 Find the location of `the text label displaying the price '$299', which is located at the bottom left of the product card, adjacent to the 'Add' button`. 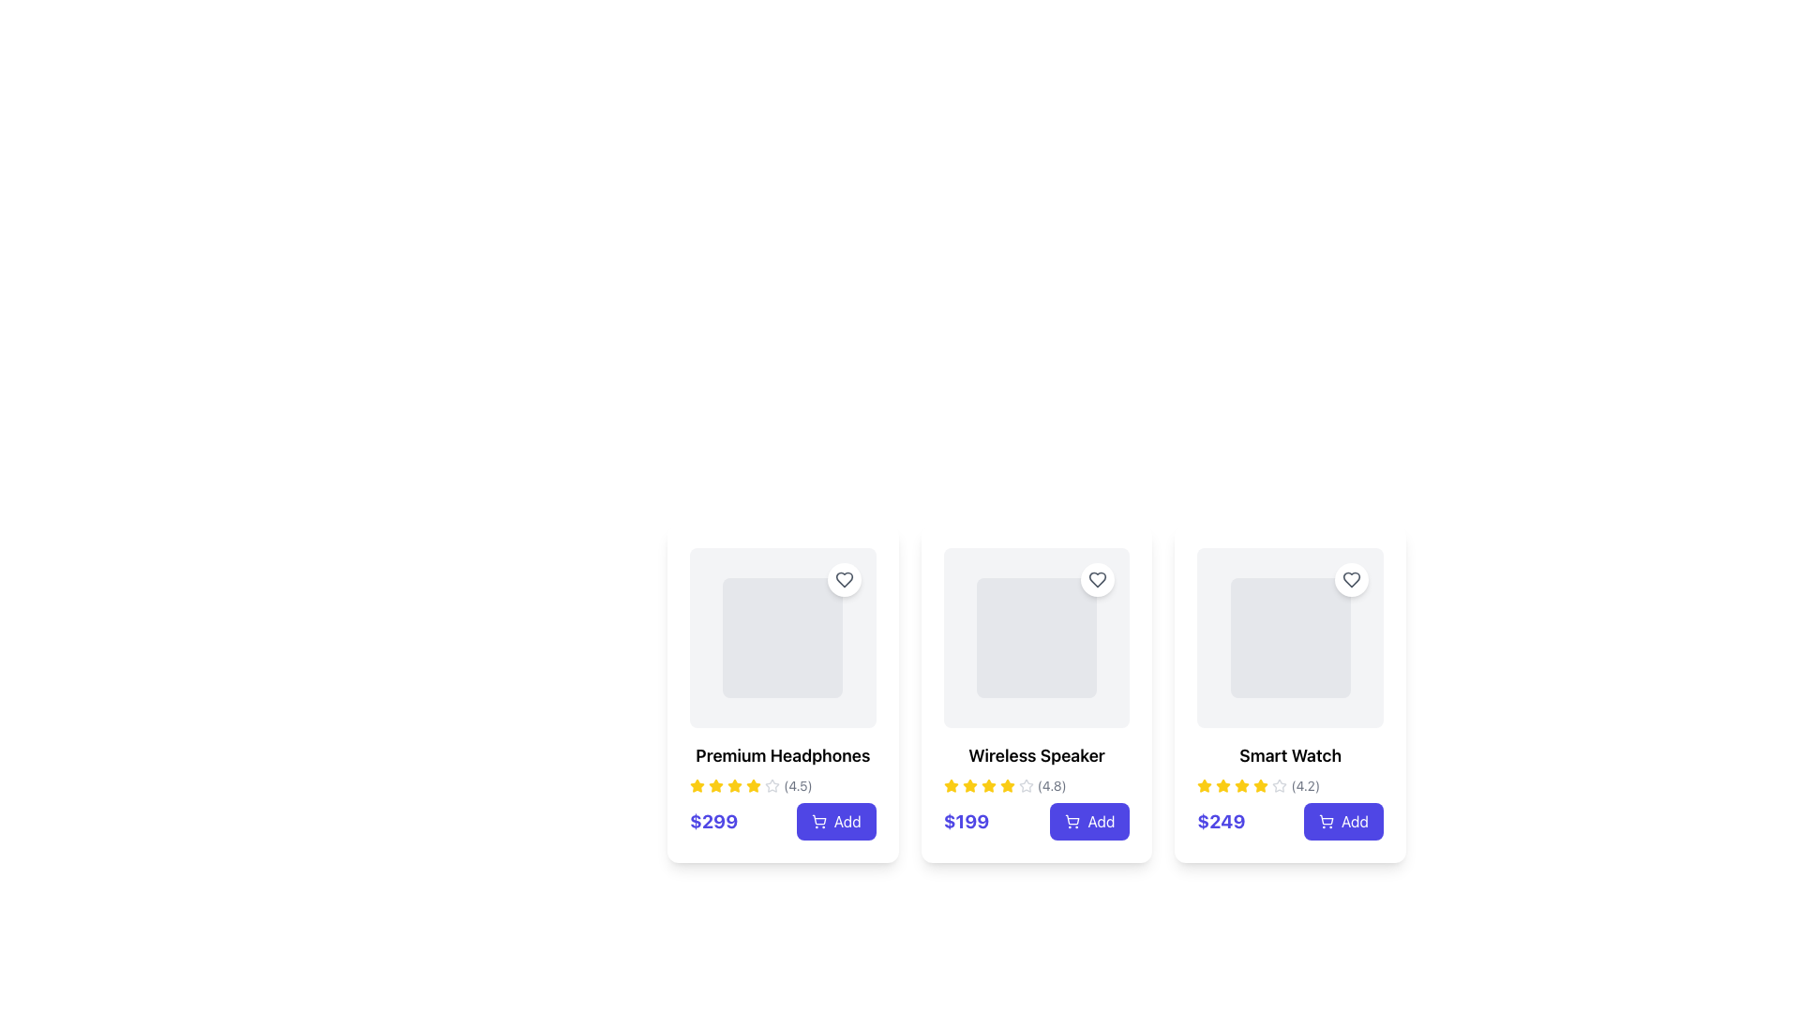

the text label displaying the price '$299', which is located at the bottom left of the product card, adjacent to the 'Add' button is located at coordinates (712, 820).